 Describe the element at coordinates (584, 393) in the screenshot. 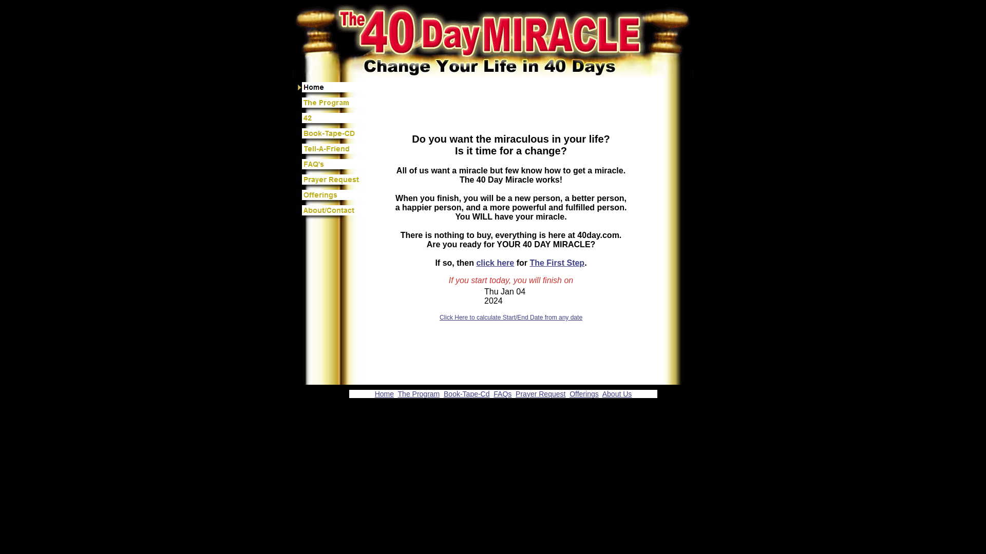

I see `'Offerings'` at that location.